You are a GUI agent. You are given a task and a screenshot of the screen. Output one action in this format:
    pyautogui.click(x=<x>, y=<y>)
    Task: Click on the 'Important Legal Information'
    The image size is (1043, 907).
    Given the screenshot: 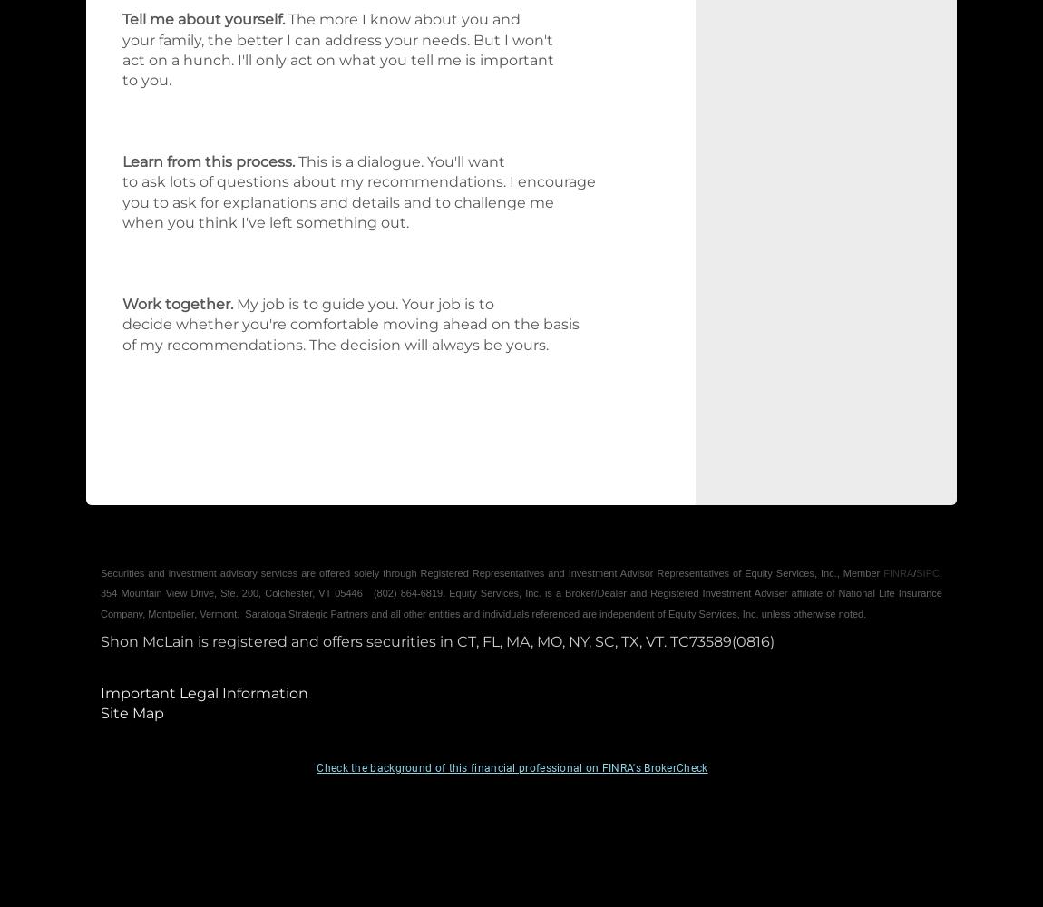 What is the action you would take?
    pyautogui.click(x=203, y=692)
    